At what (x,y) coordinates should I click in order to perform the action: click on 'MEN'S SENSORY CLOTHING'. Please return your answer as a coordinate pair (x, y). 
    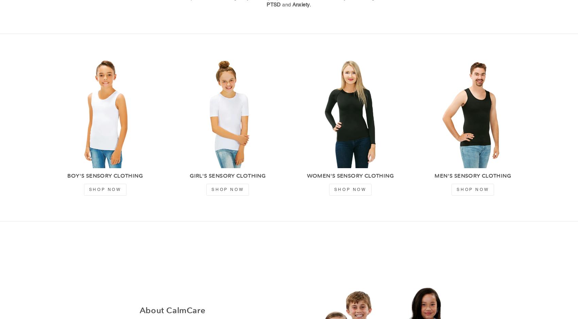
    Looking at the image, I should click on (472, 176).